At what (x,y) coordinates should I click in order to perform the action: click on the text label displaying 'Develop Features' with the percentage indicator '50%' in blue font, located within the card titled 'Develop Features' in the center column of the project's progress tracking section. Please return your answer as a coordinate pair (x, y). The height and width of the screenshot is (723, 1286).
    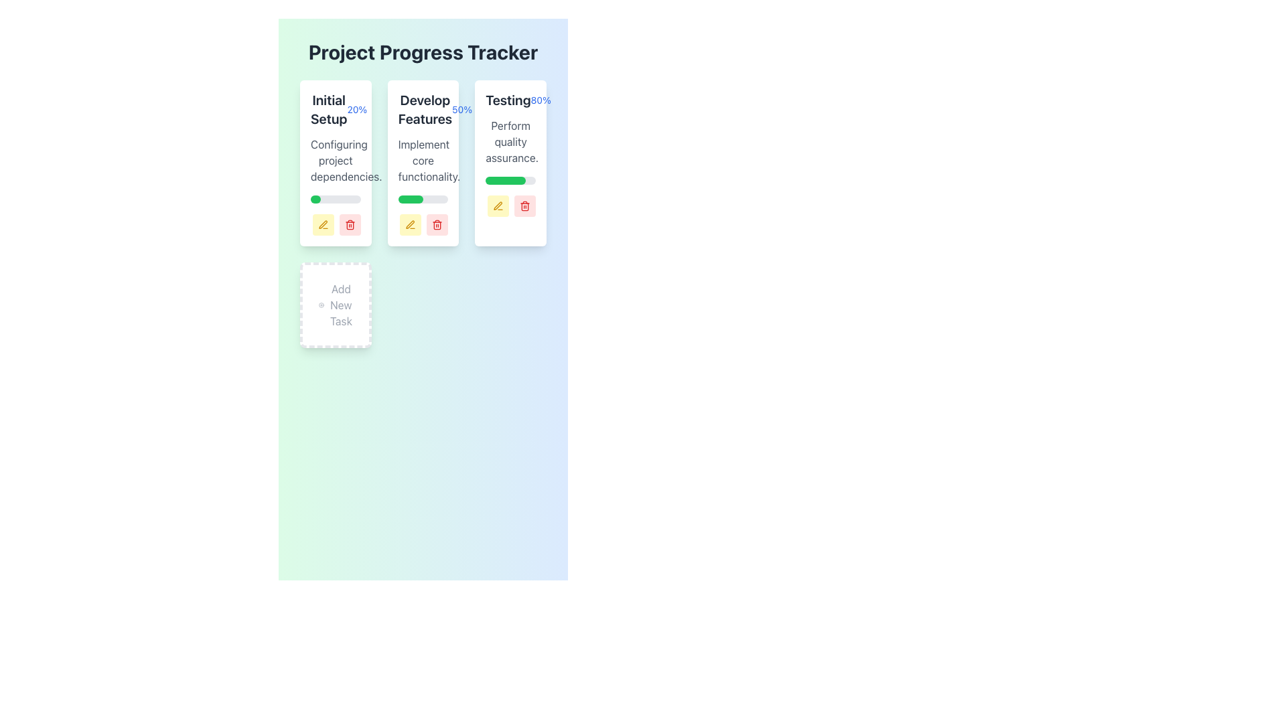
    Looking at the image, I should click on (423, 109).